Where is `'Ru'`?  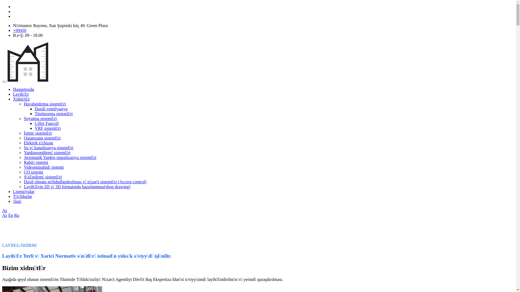
'Ru' is located at coordinates (17, 215).